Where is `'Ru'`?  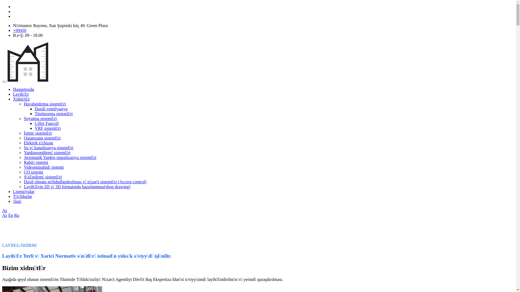
'Ru' is located at coordinates (17, 215).